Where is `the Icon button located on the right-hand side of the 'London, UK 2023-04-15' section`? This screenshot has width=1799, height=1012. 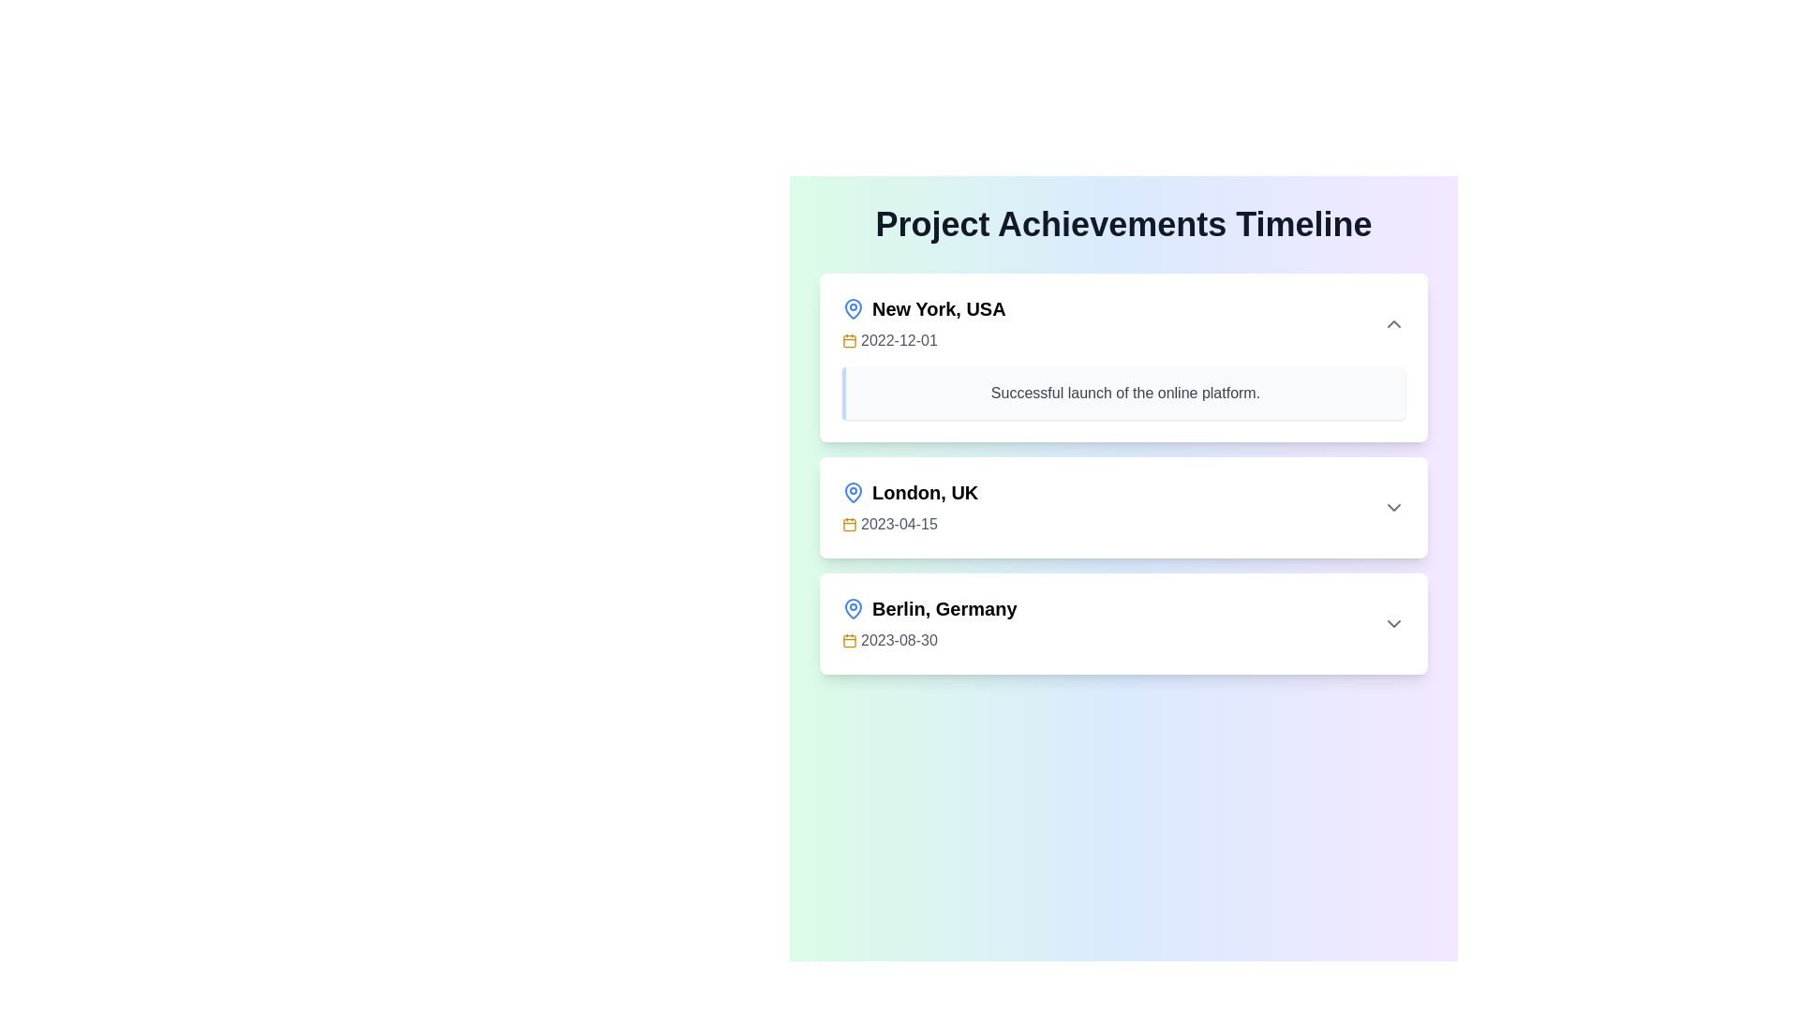
the Icon button located on the right-hand side of the 'London, UK 2023-04-15' section is located at coordinates (1394, 508).